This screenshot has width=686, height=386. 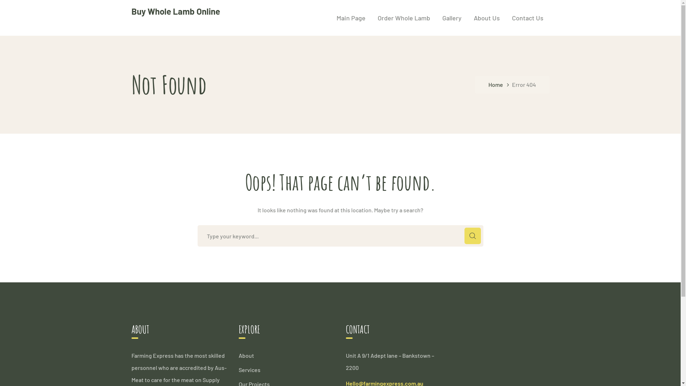 What do you see at coordinates (176, 11) in the screenshot?
I see `'Buy Whole Lamb Online'` at bounding box center [176, 11].